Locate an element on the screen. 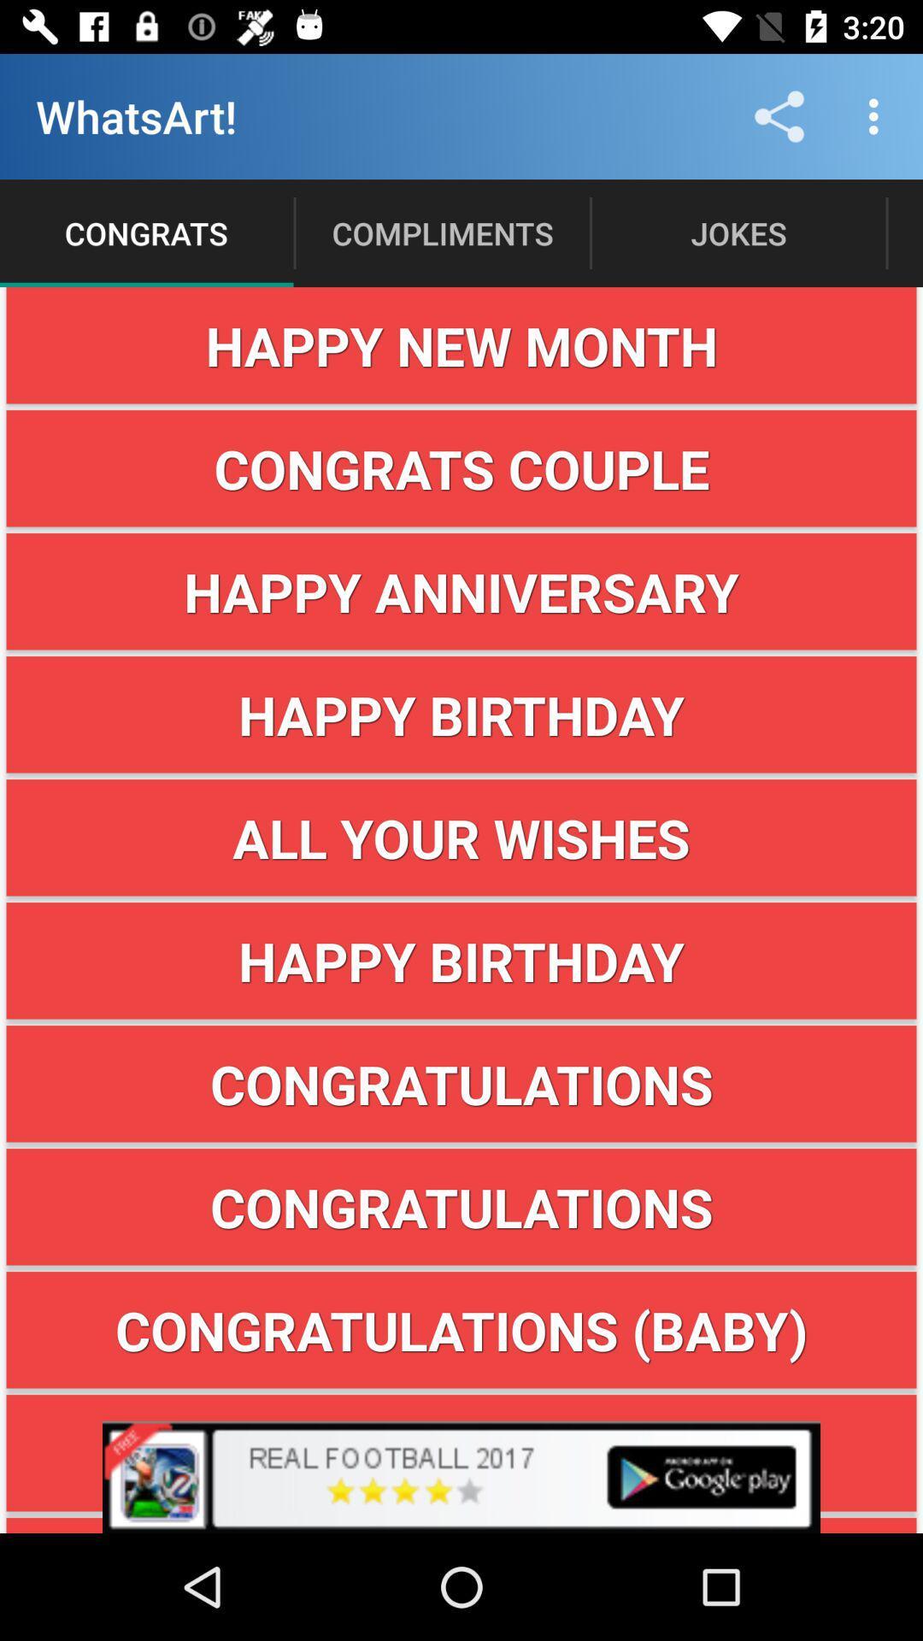 Image resolution: width=923 pixels, height=1641 pixels. the wow is located at coordinates (461, 1452).